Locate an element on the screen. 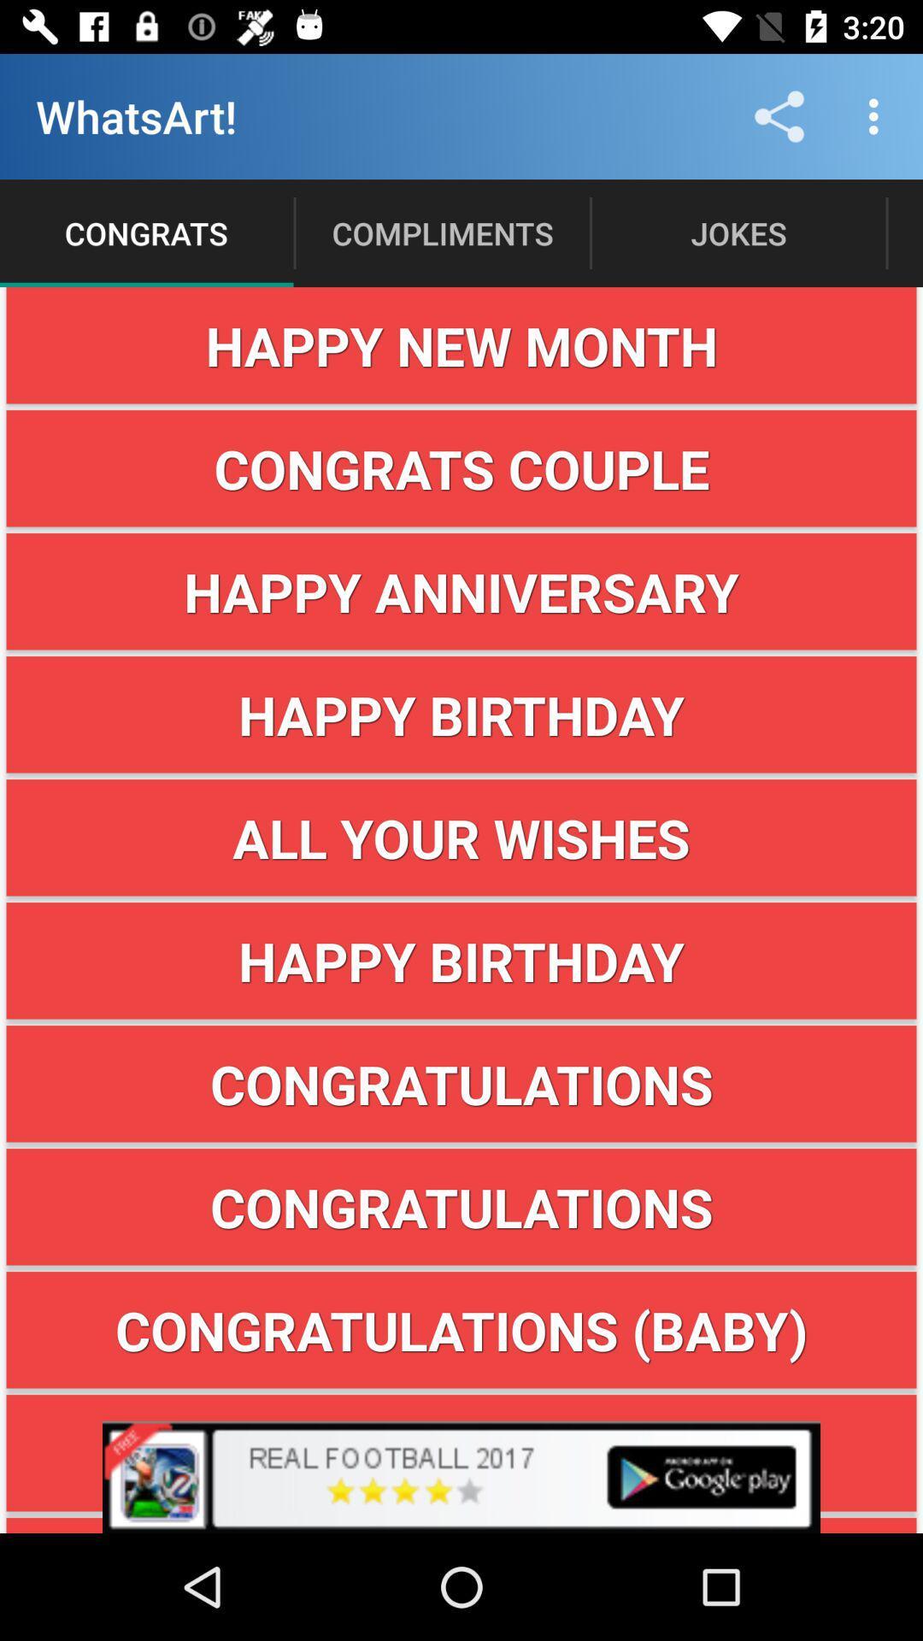 Image resolution: width=923 pixels, height=1641 pixels. the wow is located at coordinates (461, 1452).